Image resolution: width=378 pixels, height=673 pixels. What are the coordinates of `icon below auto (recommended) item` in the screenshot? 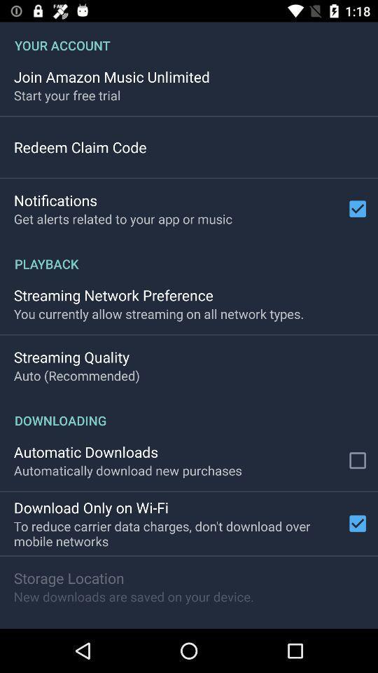 It's located at (189, 413).